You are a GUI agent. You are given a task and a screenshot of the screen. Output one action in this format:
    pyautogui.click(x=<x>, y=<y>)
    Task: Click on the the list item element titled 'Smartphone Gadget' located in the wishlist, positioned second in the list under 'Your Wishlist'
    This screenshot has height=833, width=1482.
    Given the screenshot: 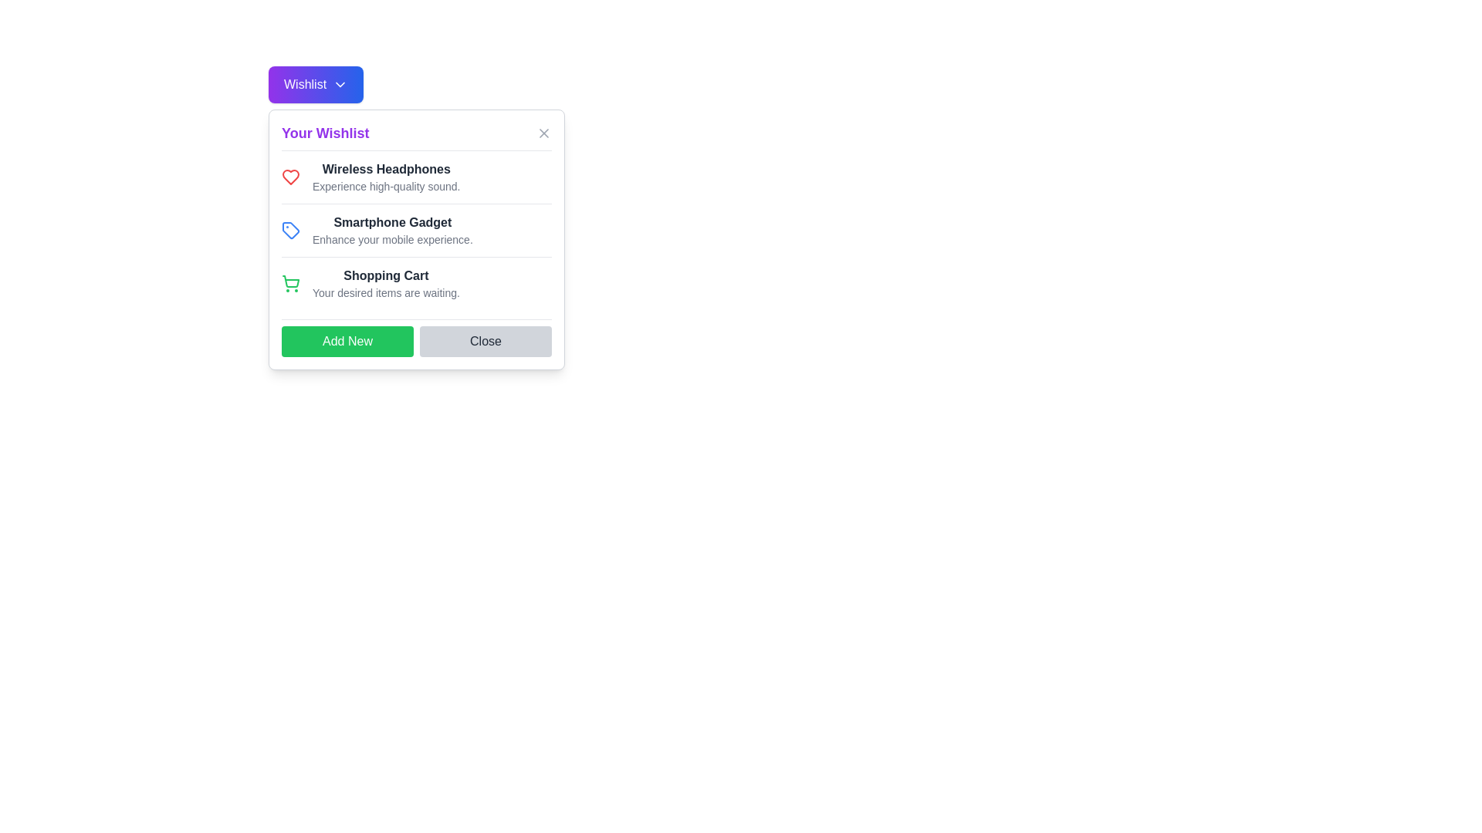 What is the action you would take?
    pyautogui.click(x=392, y=231)
    